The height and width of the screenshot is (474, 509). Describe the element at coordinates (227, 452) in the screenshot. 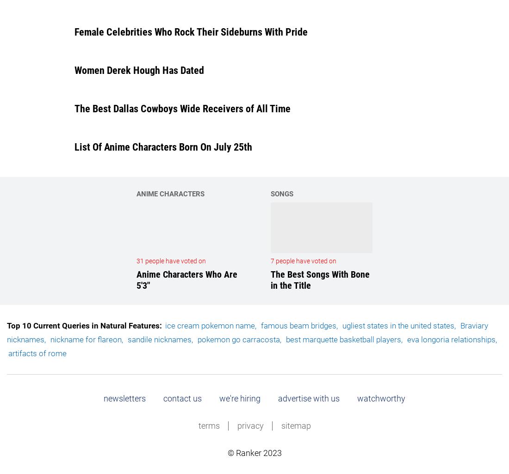

I see `'© Ranker 2023'` at that location.